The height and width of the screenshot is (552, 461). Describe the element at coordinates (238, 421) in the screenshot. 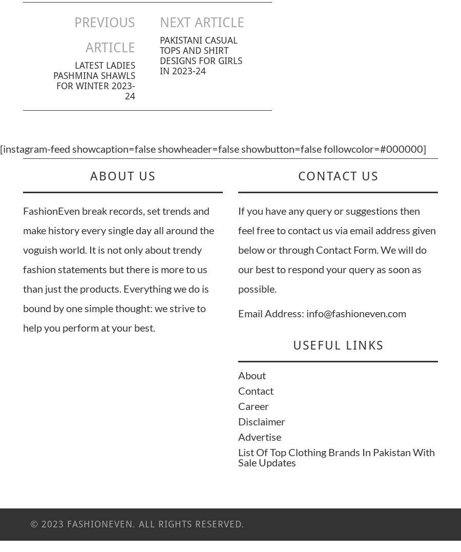

I see `'Disclaimer'` at that location.